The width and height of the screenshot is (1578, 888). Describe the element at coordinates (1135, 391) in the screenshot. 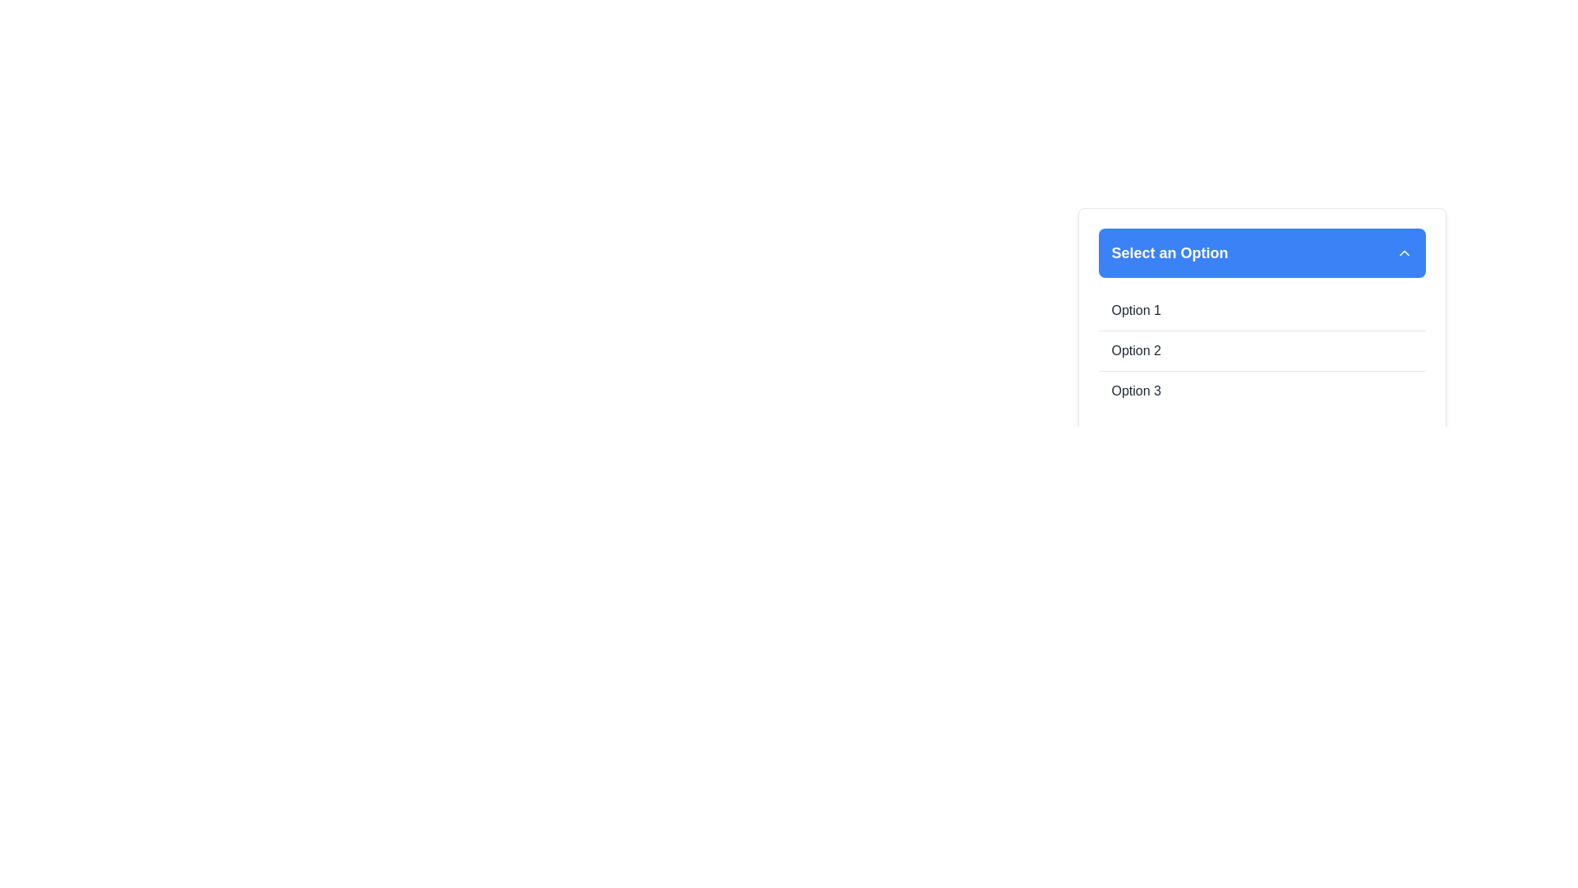

I see `the text label reading 'Option 3' in the dropdown menu` at that location.